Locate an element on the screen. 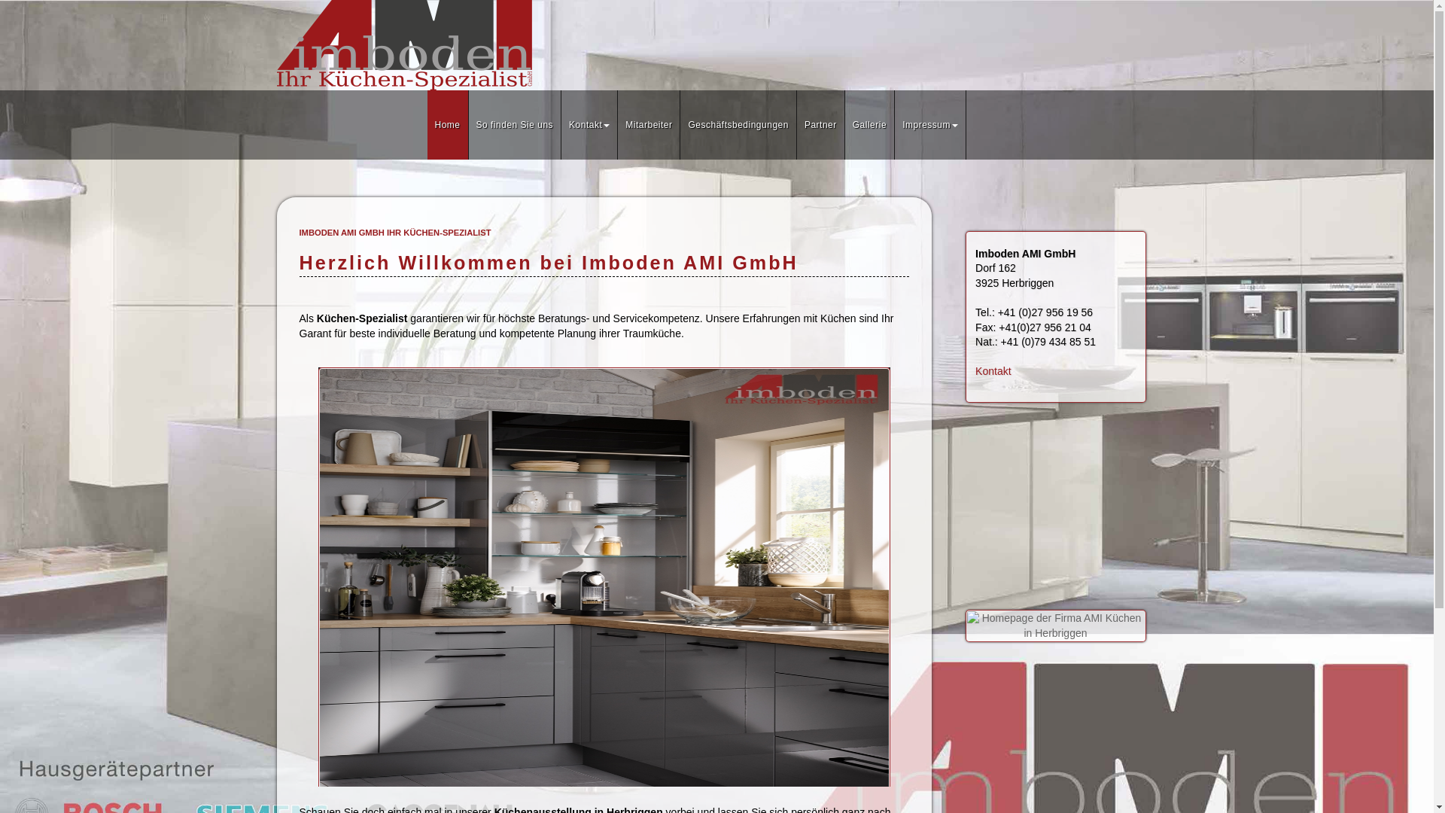 The width and height of the screenshot is (1445, 813). 'Gallerie' is located at coordinates (870, 123).